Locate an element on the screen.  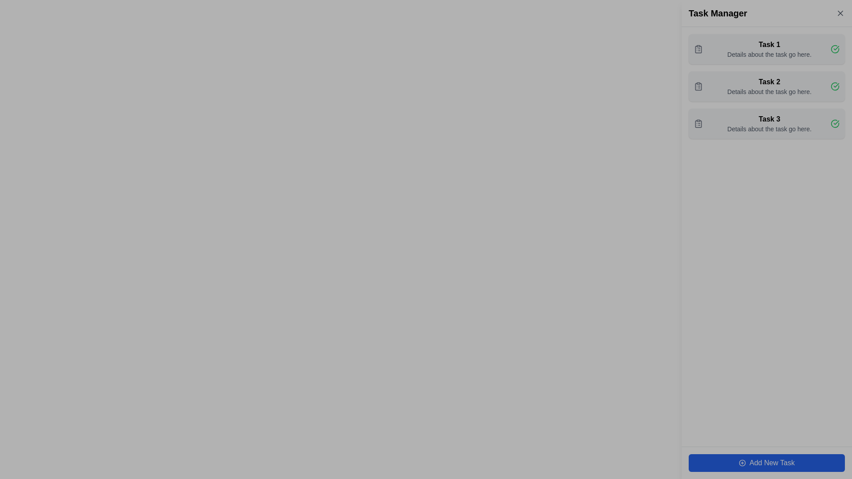
the clipboard icon representing a list in the first task card titled 'Task 1' located in the task management section is located at coordinates (698, 49).